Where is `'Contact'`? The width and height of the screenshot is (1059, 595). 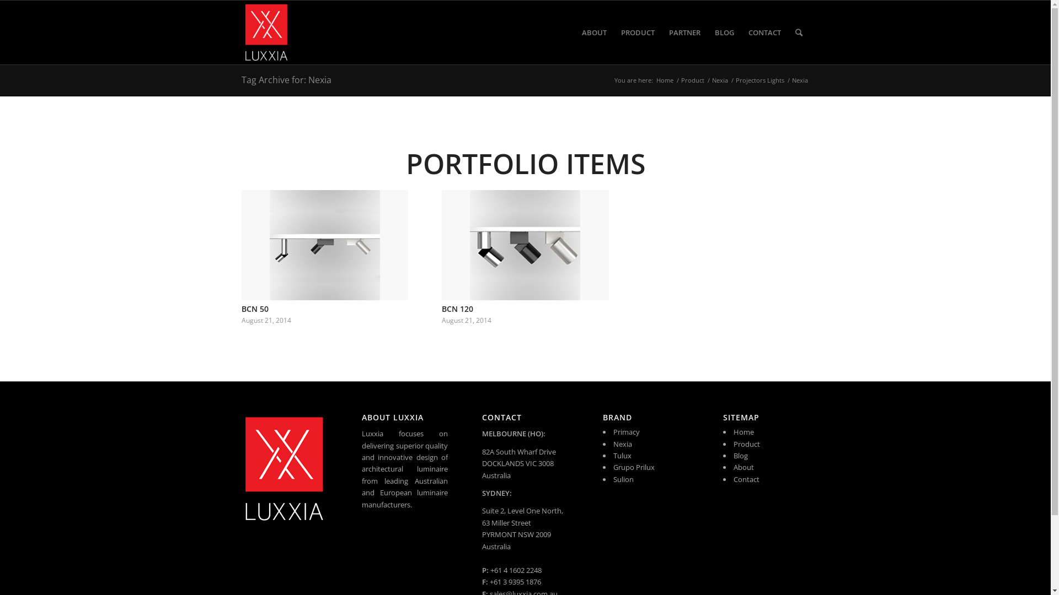 'Contact' is located at coordinates (746, 479).